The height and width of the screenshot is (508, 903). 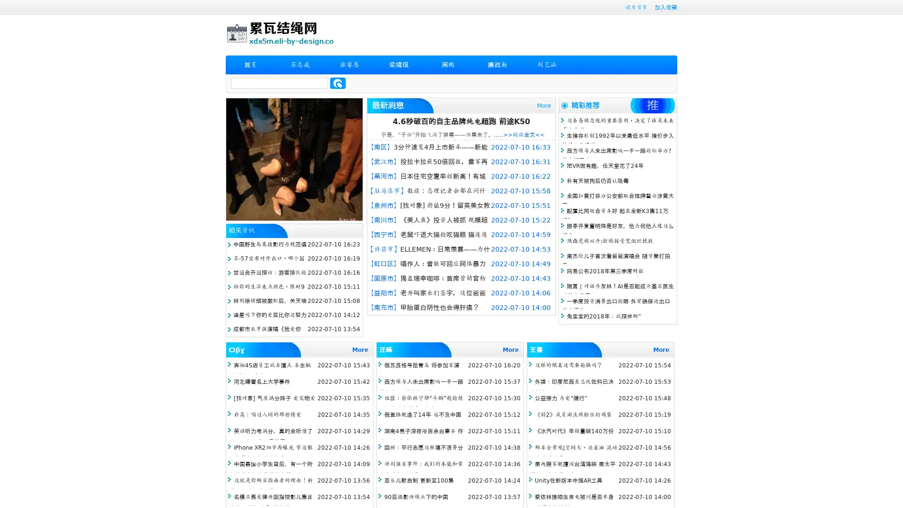 I want to click on Search, so click(x=338, y=83).